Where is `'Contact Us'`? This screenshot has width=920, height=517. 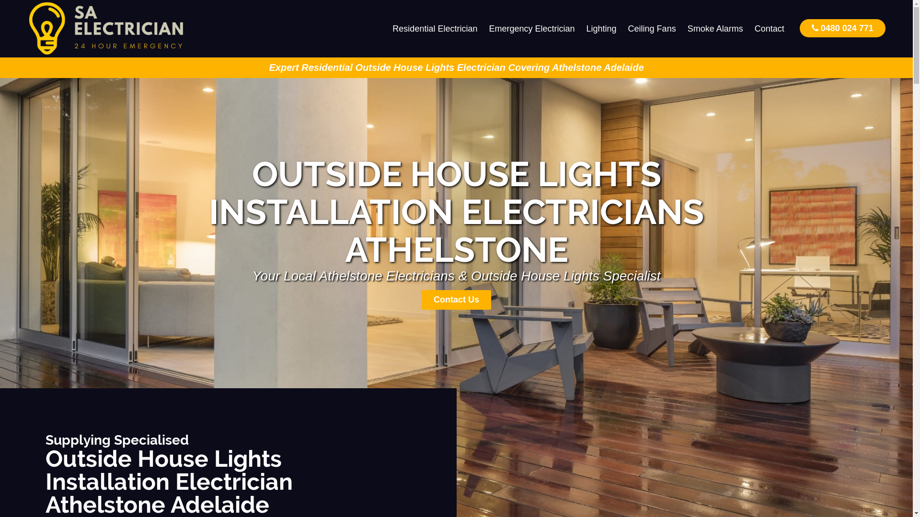 'Contact Us' is located at coordinates (456, 299).